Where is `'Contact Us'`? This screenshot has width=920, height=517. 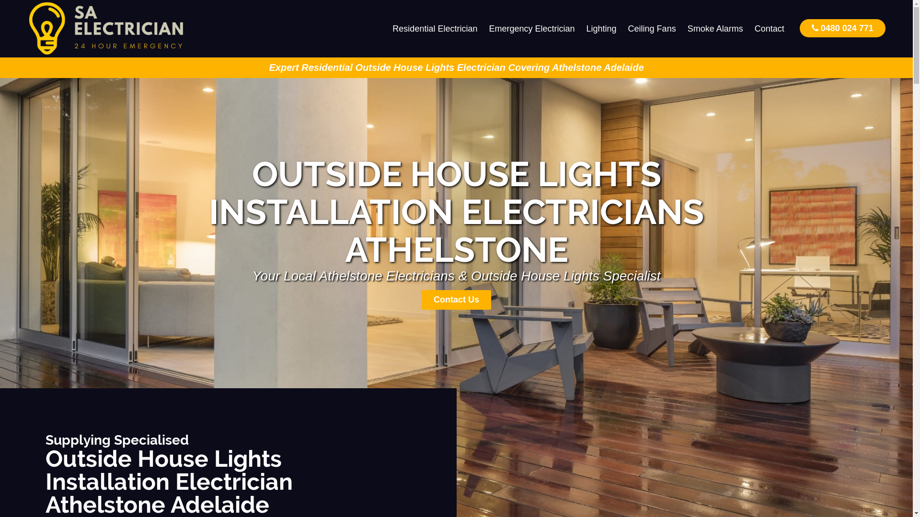 'Contact Us' is located at coordinates (456, 299).